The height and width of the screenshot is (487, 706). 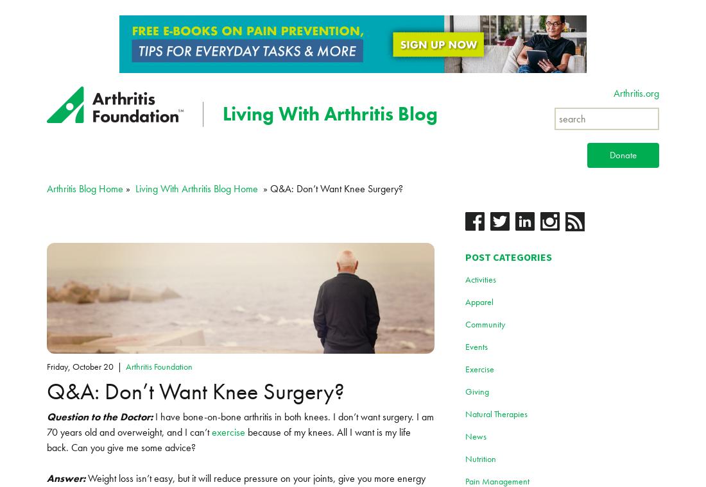 What do you see at coordinates (228, 440) in the screenshot?
I see `'because of my knees. All I want is my life back. Can you give me some advice?'` at bounding box center [228, 440].